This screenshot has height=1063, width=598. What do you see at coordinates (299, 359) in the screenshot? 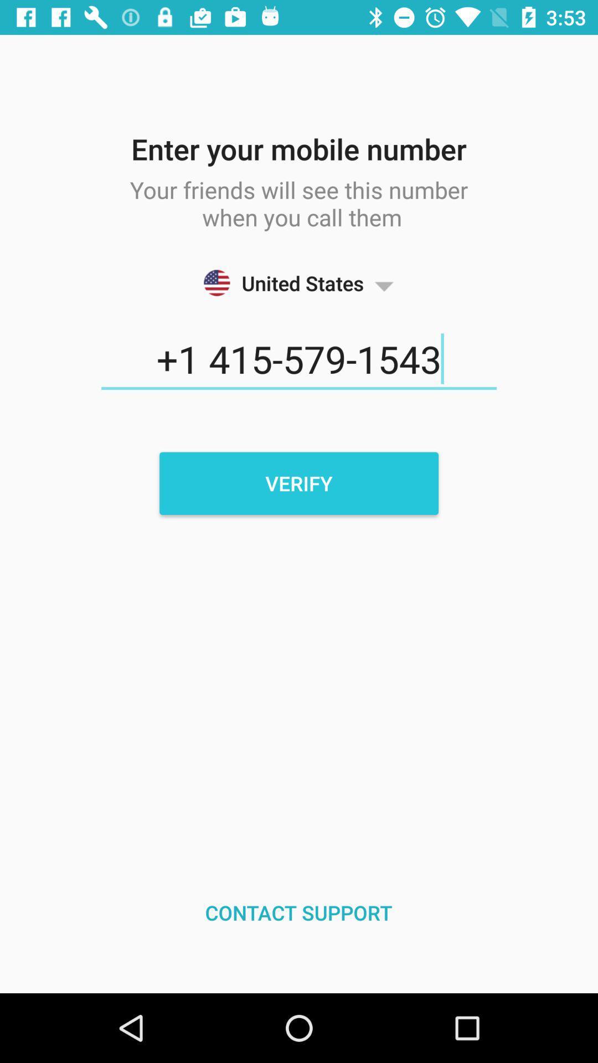
I see `the icon above the verify icon` at bounding box center [299, 359].